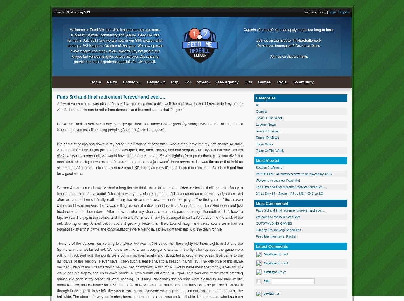 This screenshot has width=404, height=301. Describe the element at coordinates (284, 56) in the screenshot. I see `'Join us on discord'` at that location.